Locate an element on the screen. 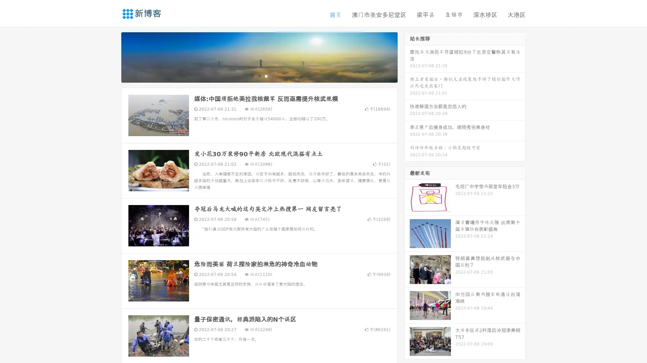 Image resolution: width=647 pixels, height=363 pixels. Next slide is located at coordinates (407, 56).